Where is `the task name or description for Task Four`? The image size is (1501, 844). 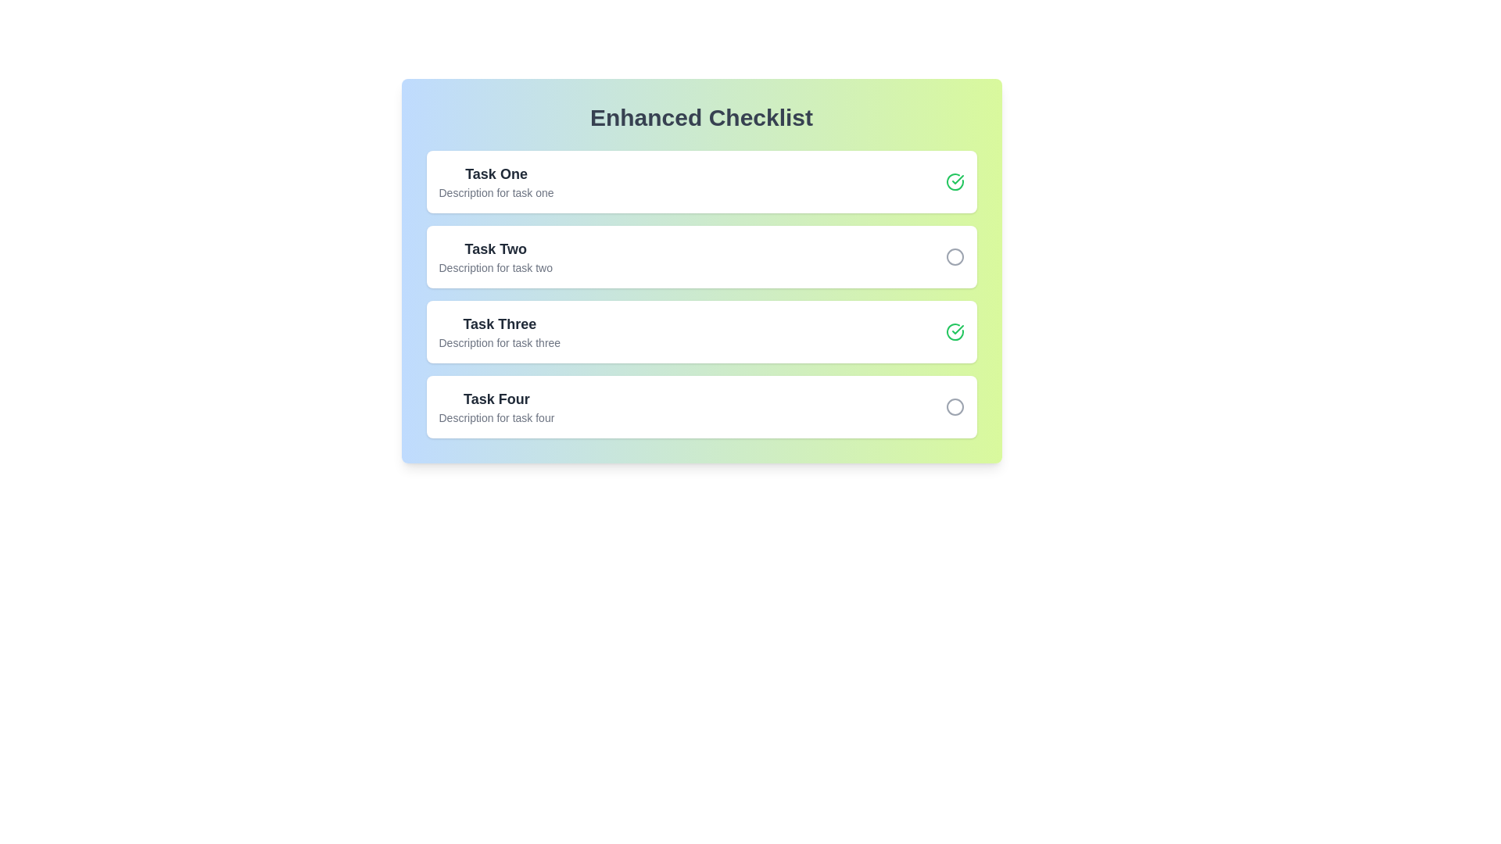
the task name or description for Task Four is located at coordinates (495, 398).